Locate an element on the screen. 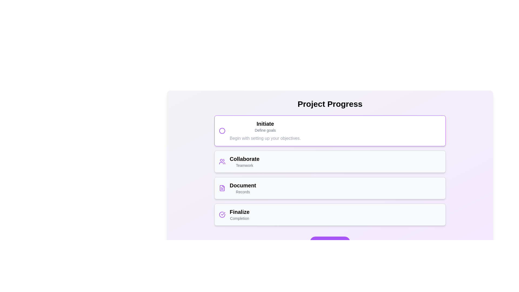 The image size is (519, 292). text content of the label displaying 'Records', which is a smaller, light gray font located immediately beneath the bolded label 'Document' in the third section of a vertically stacked list is located at coordinates (242, 191).